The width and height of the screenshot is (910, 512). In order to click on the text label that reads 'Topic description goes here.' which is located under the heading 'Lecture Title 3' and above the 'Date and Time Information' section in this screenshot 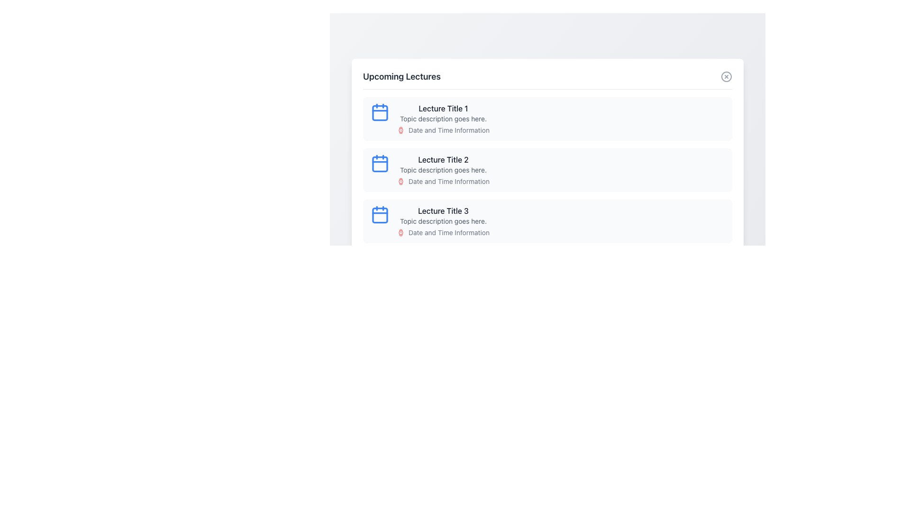, I will do `click(443, 221)`.